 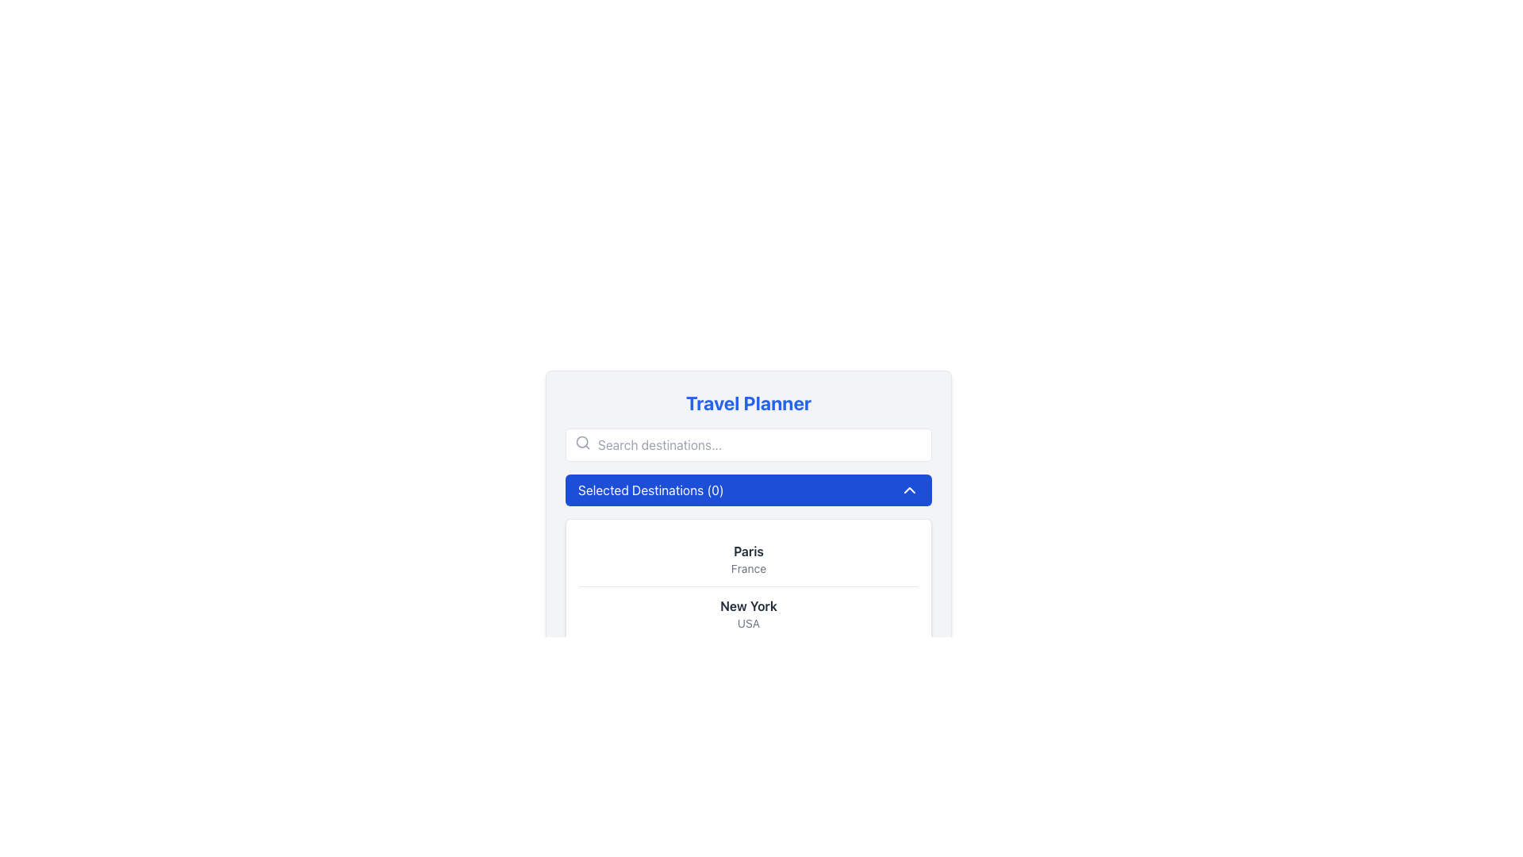 I want to click on the 'Travel Planner' text header, which is styled in bold blue font and serves as the main title above the search input, so click(x=748, y=402).